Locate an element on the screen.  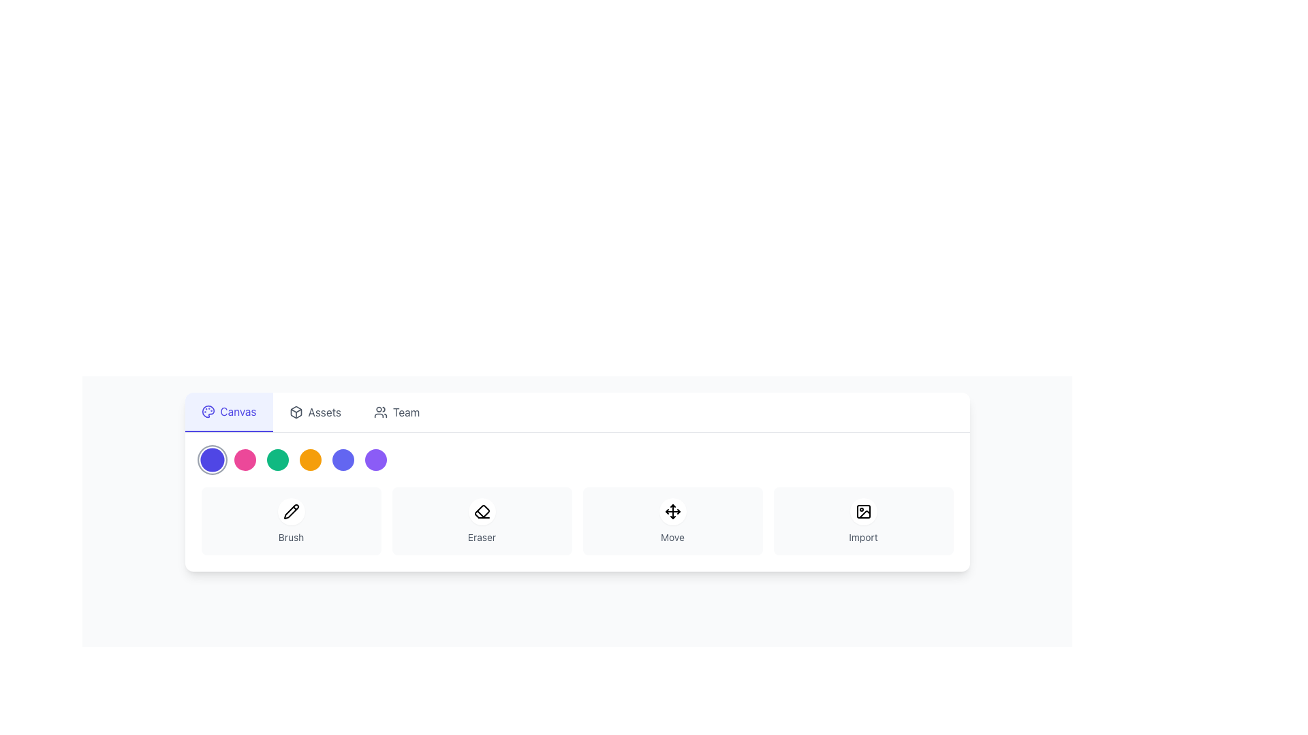
the circular magenta button located between a blue button and a green button in the lower section of the interface is located at coordinates (245, 459).